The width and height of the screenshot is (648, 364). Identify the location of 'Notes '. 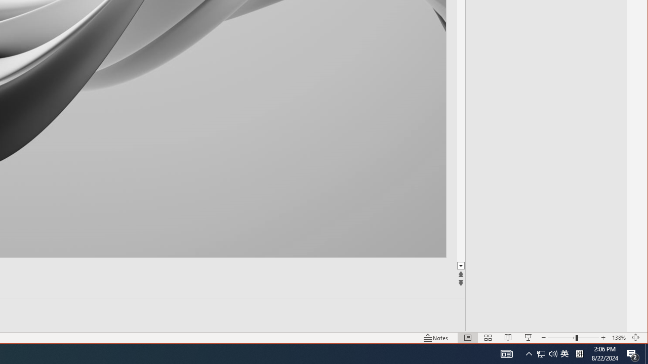
(436, 338).